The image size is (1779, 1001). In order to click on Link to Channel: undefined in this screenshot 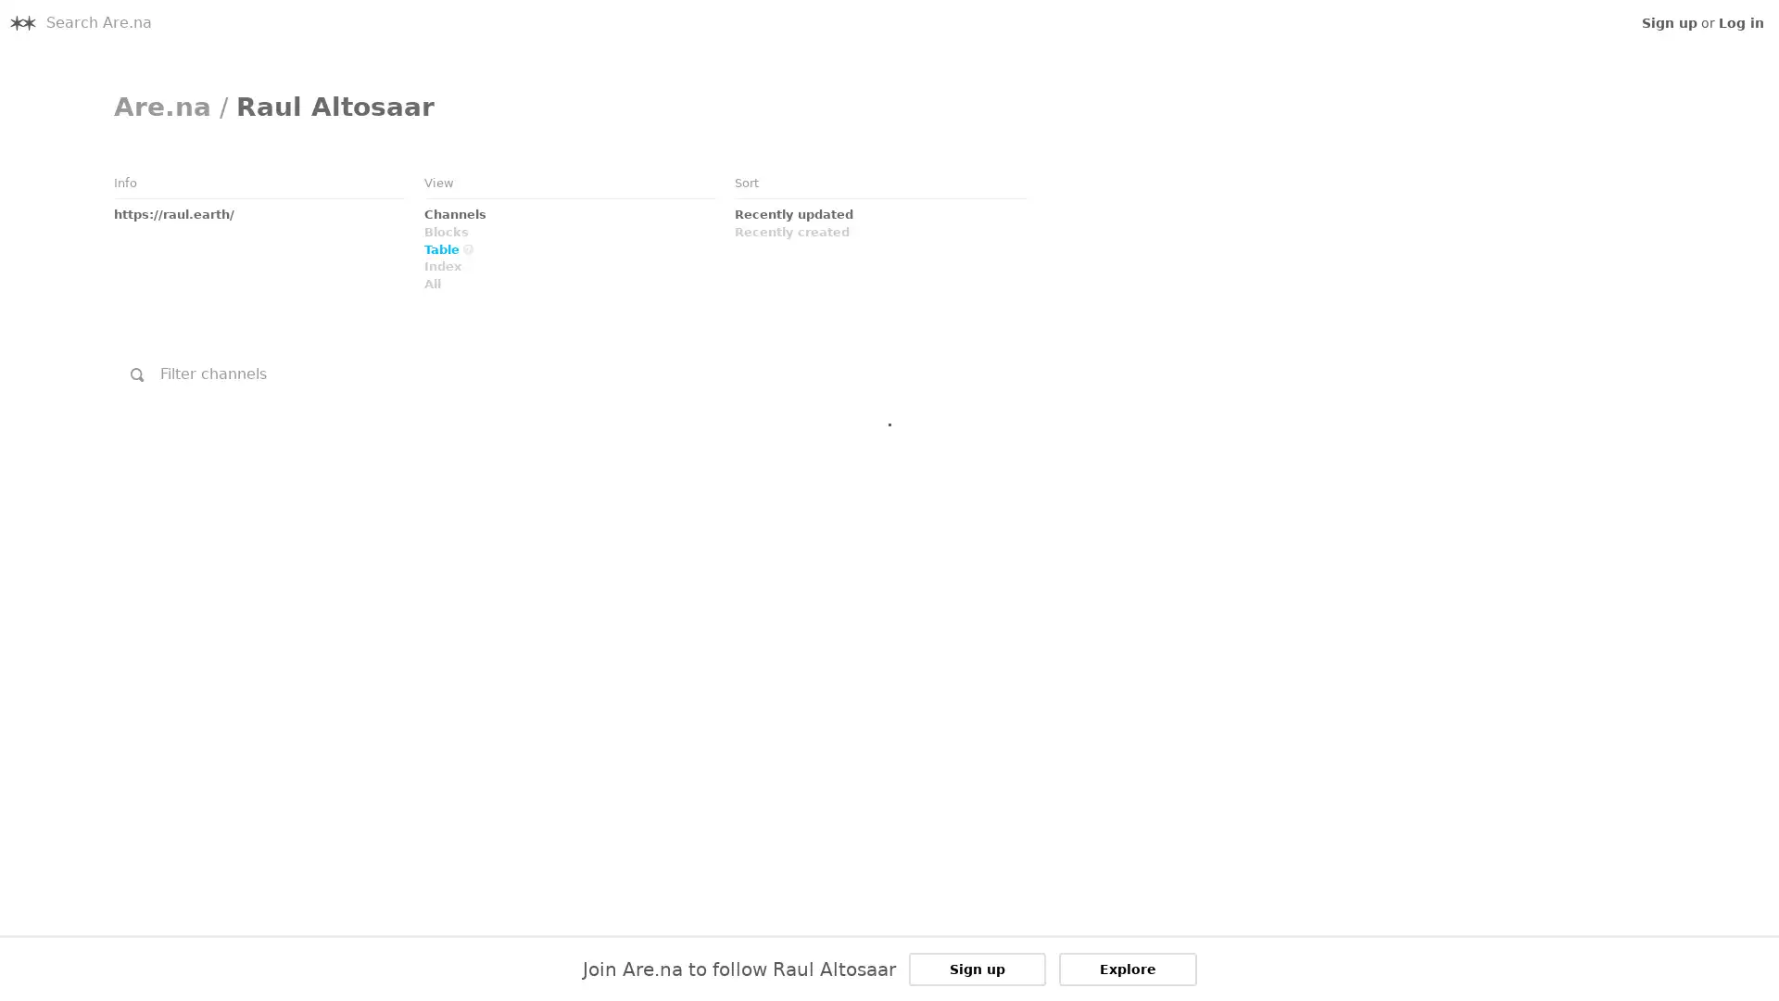, I will do `click(258, 551)`.